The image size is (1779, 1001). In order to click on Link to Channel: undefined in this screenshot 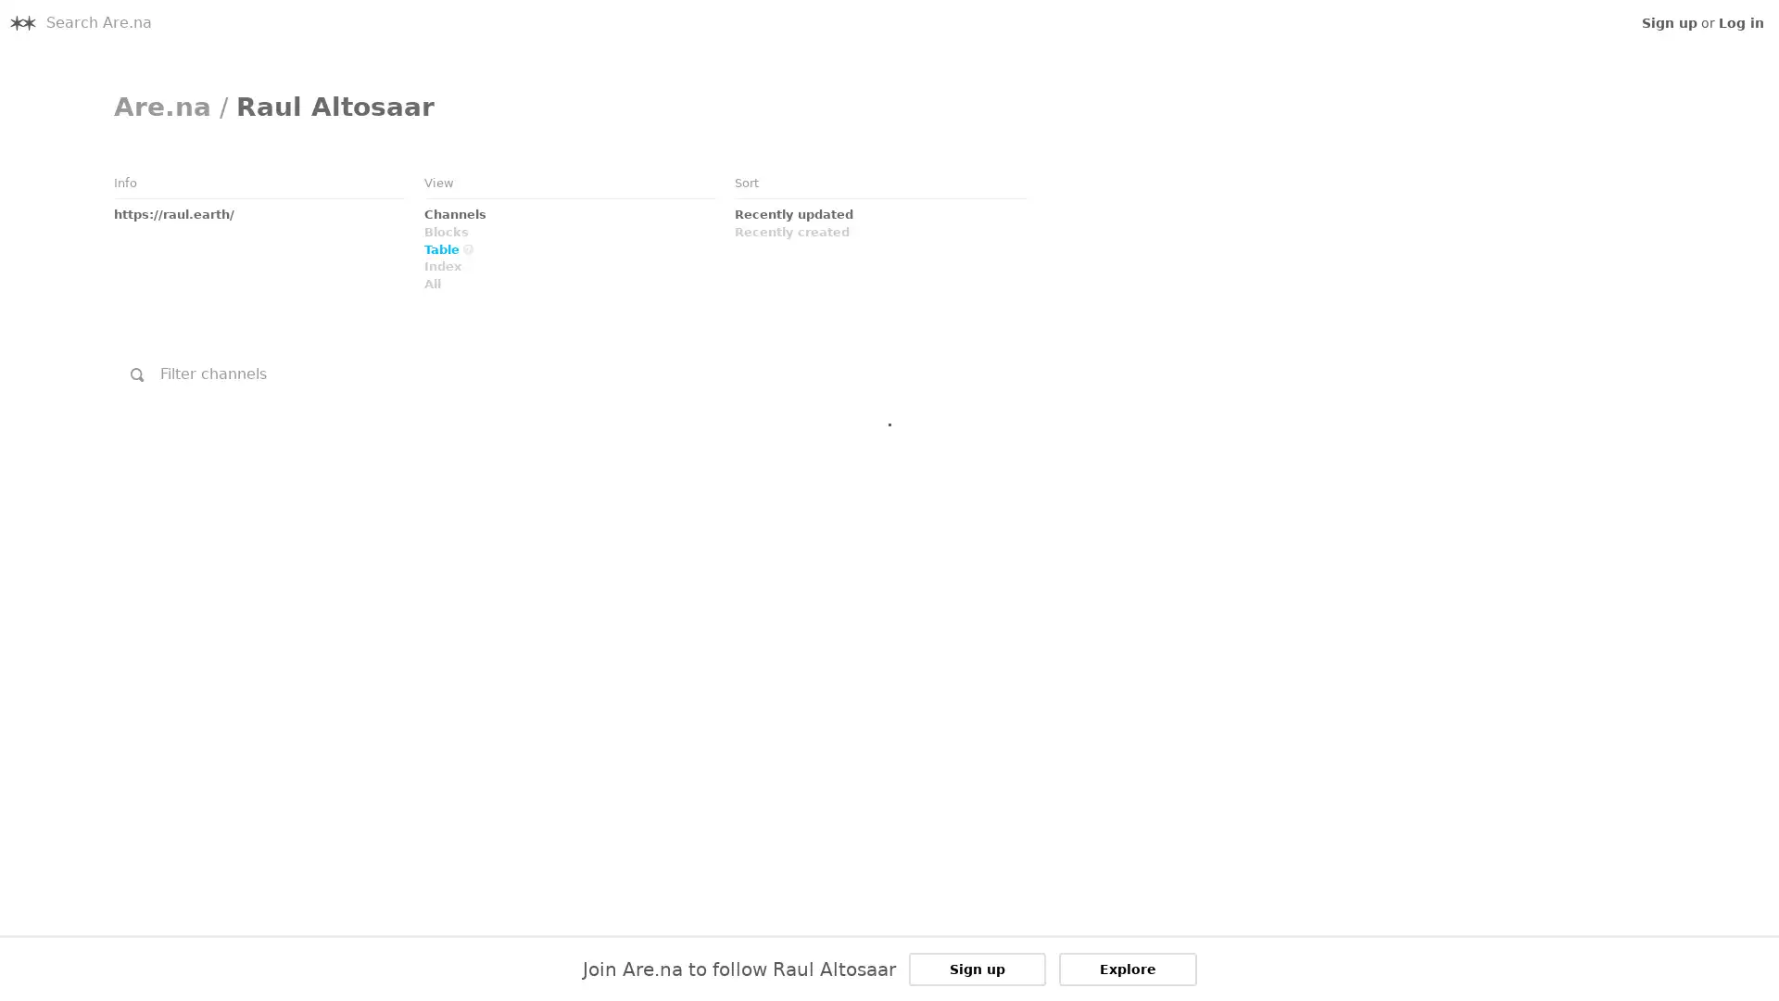, I will do `click(258, 551)`.